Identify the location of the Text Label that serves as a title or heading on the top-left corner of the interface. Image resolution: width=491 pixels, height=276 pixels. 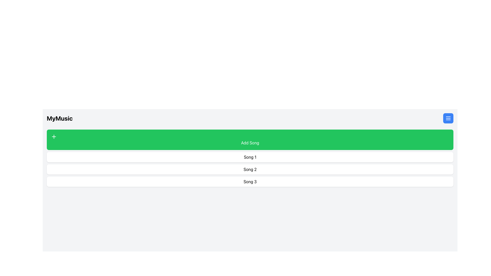
(60, 118).